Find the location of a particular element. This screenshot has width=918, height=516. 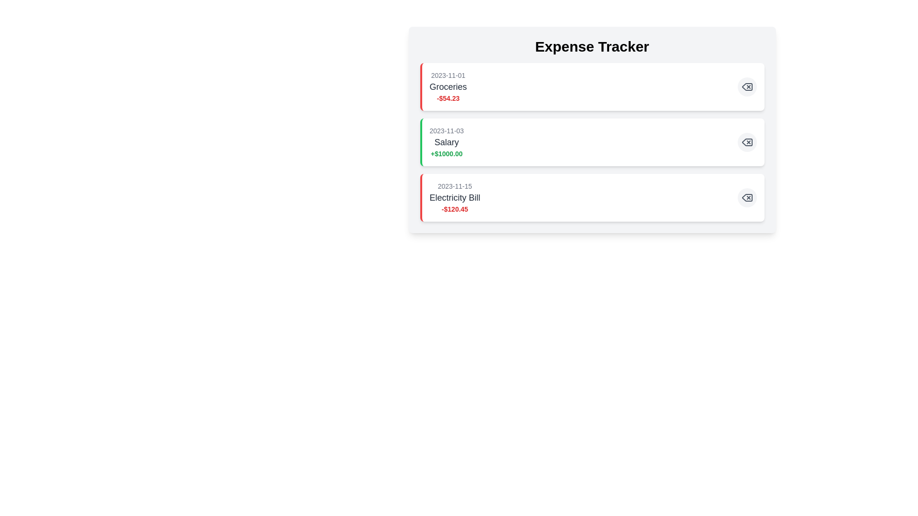

the expense item labeled 'Electricity Bill' to highlight it is located at coordinates (591, 197).